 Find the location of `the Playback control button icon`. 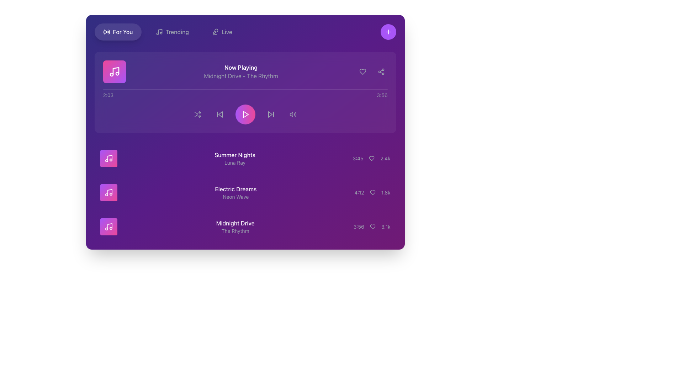

the Playback control button icon is located at coordinates (245, 114).